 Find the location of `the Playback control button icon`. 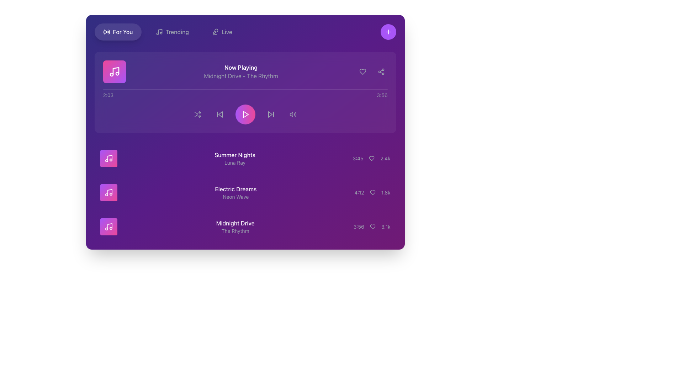

the Playback control button icon is located at coordinates (245, 114).